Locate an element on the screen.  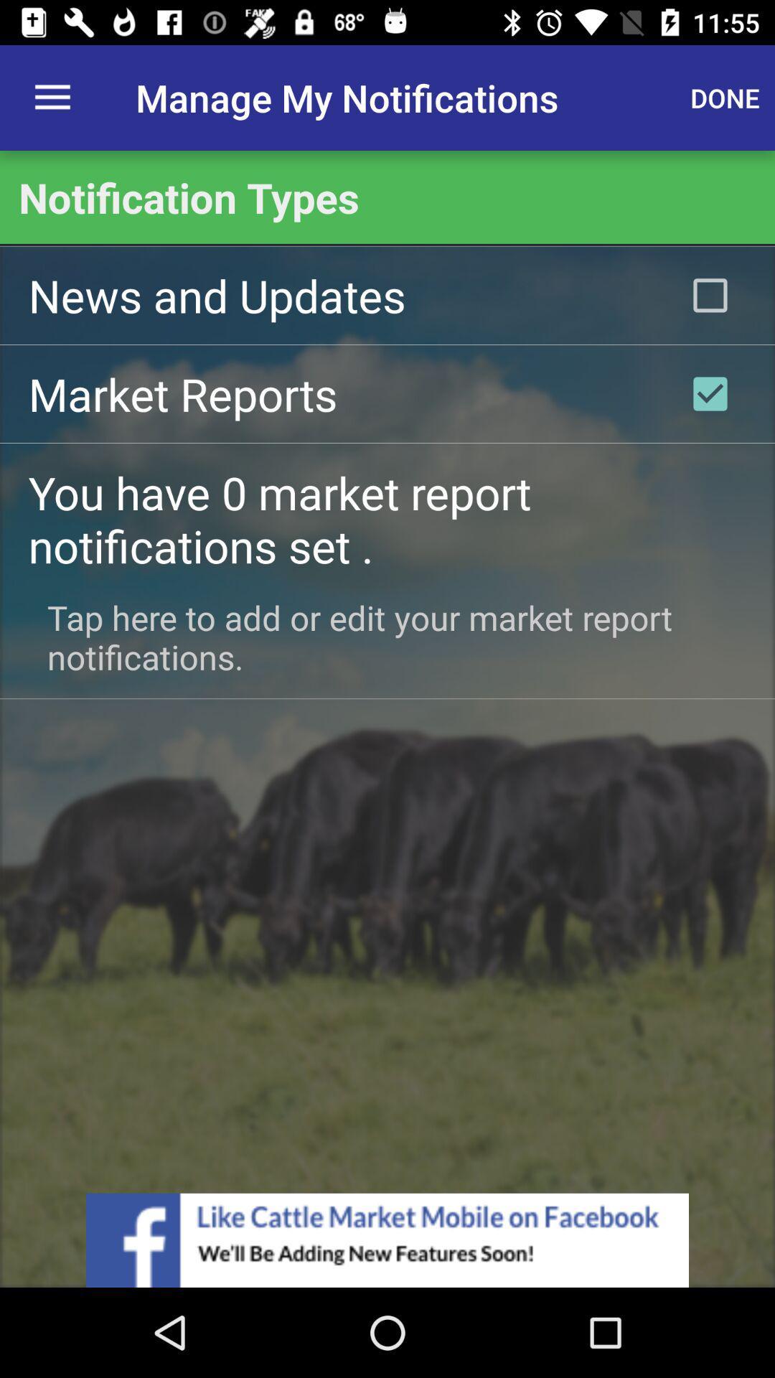
market reports is located at coordinates (710, 393).